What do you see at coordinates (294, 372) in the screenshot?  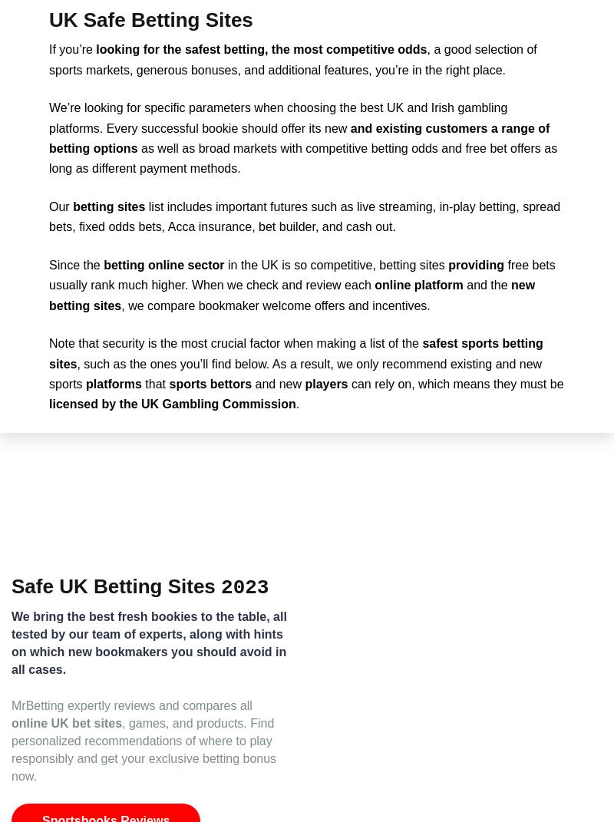 I see `', such as the ones you’ll find below. As a result, we only recommend existing and new sports'` at bounding box center [294, 372].